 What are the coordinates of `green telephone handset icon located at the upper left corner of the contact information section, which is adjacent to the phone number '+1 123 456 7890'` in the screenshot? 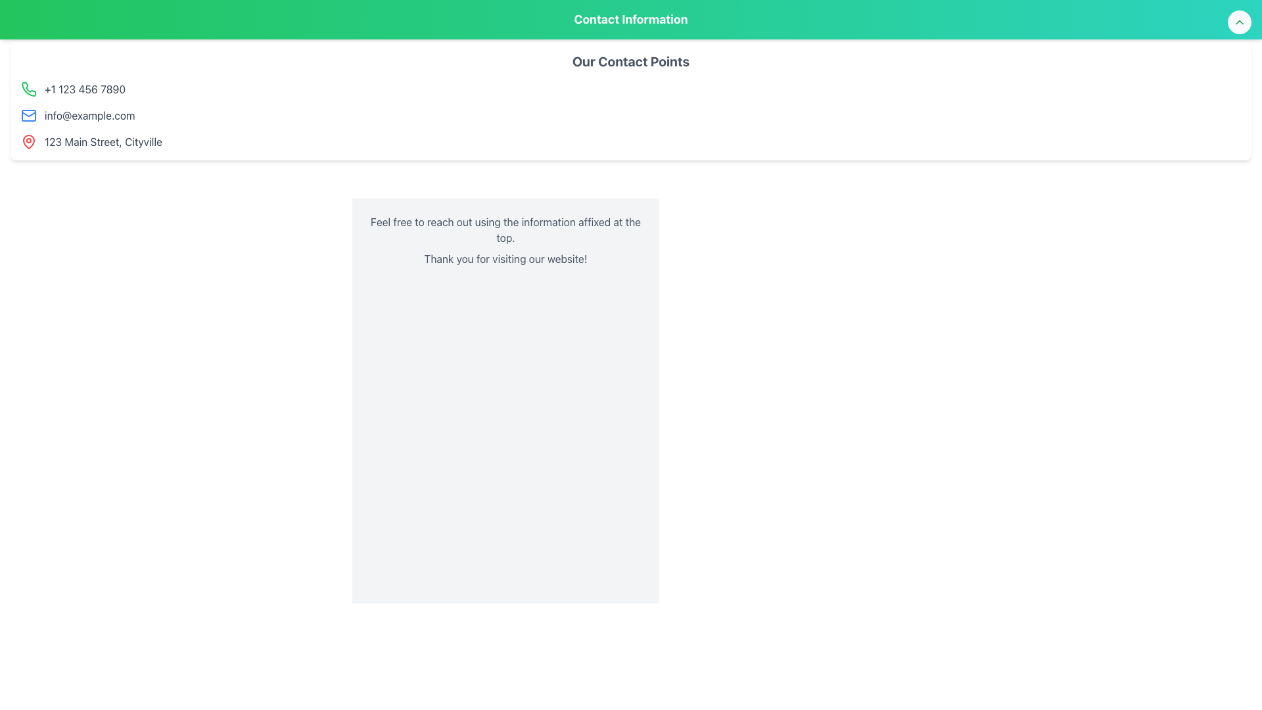 It's located at (28, 89).